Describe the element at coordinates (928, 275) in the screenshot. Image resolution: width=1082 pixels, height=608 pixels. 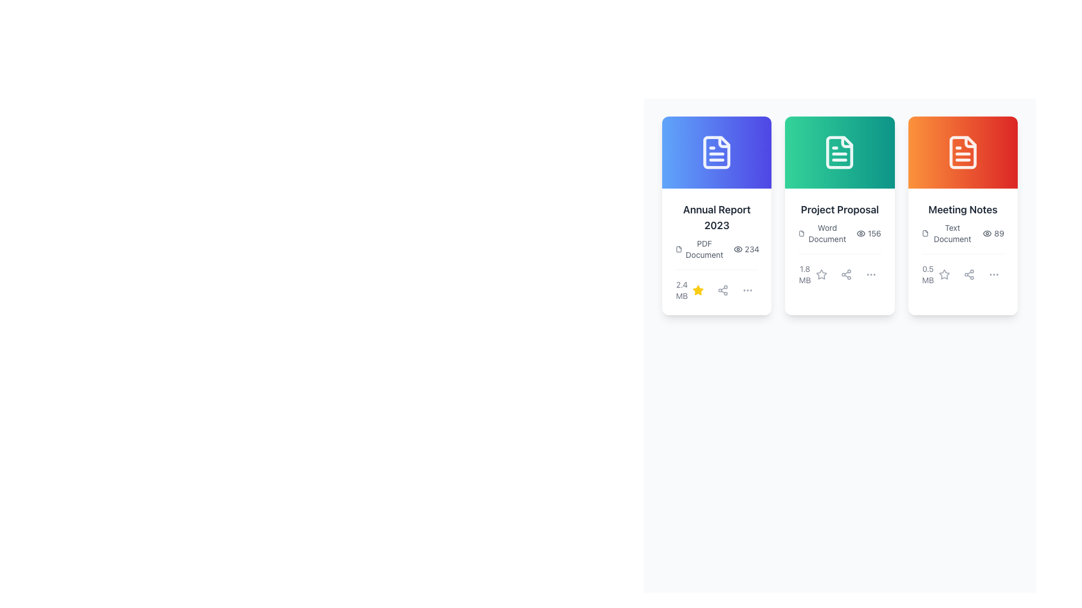
I see `the Label that displays the file size of the document in the card labeled 'Meeting Notes', located at the bottom-left corner below the descriptive text area` at that location.